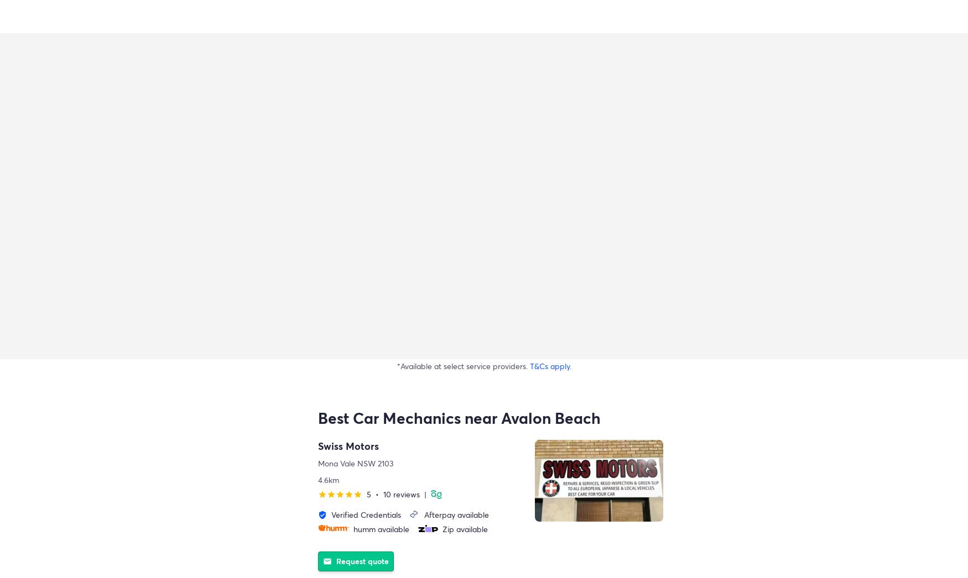  I want to click on '*Available at select service providers.', so click(463, 365).